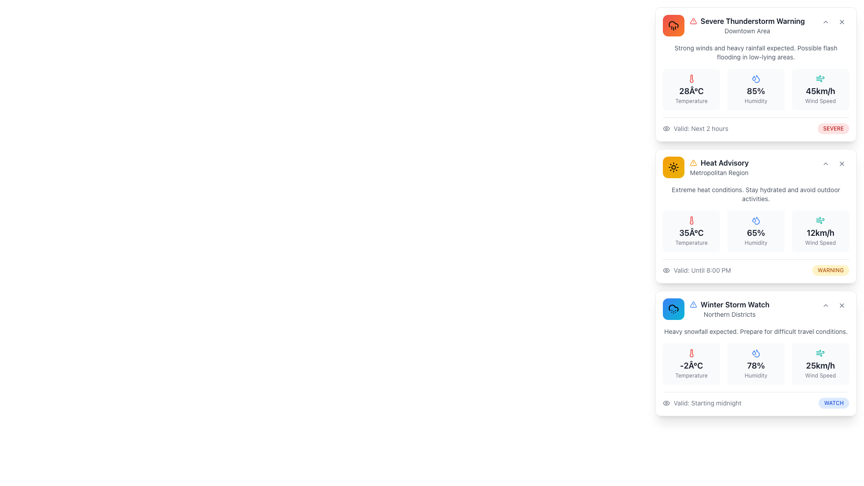 The image size is (864, 486). Describe the element at coordinates (841, 22) in the screenshot. I see `the close button located in the top-right corner of the 'Severe Thunderstorm Warning' card` at that location.